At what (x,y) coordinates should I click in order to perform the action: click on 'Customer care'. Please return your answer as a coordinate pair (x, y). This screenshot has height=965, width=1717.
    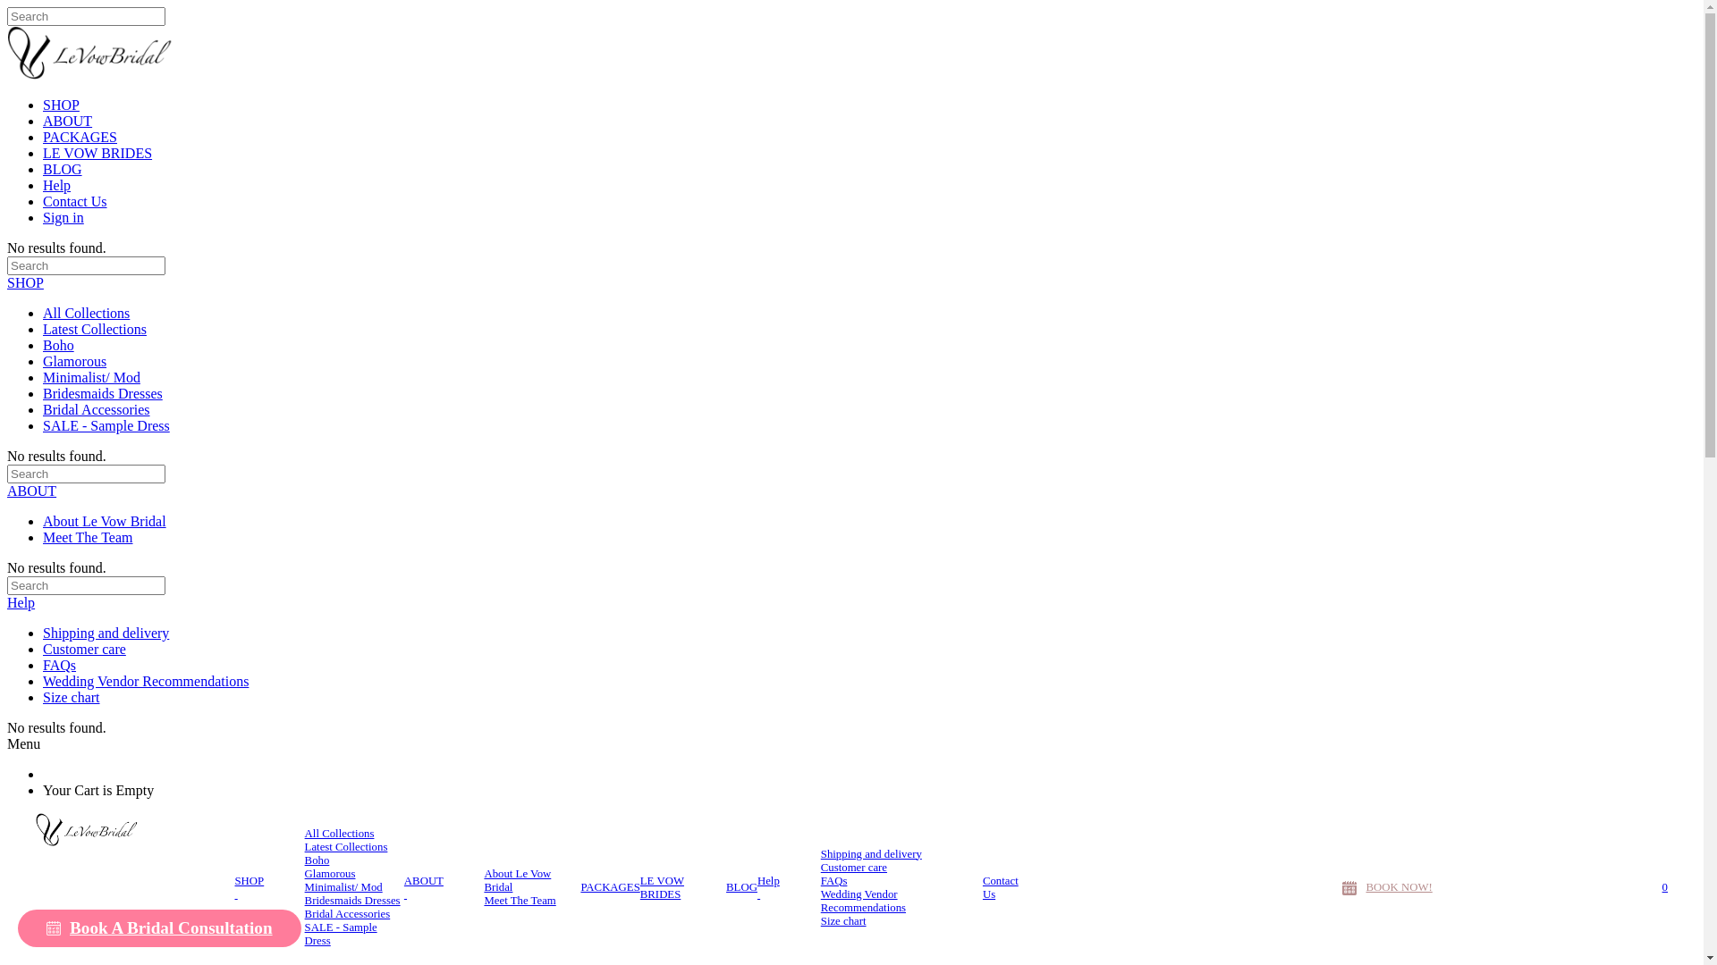
    Looking at the image, I should click on (819, 867).